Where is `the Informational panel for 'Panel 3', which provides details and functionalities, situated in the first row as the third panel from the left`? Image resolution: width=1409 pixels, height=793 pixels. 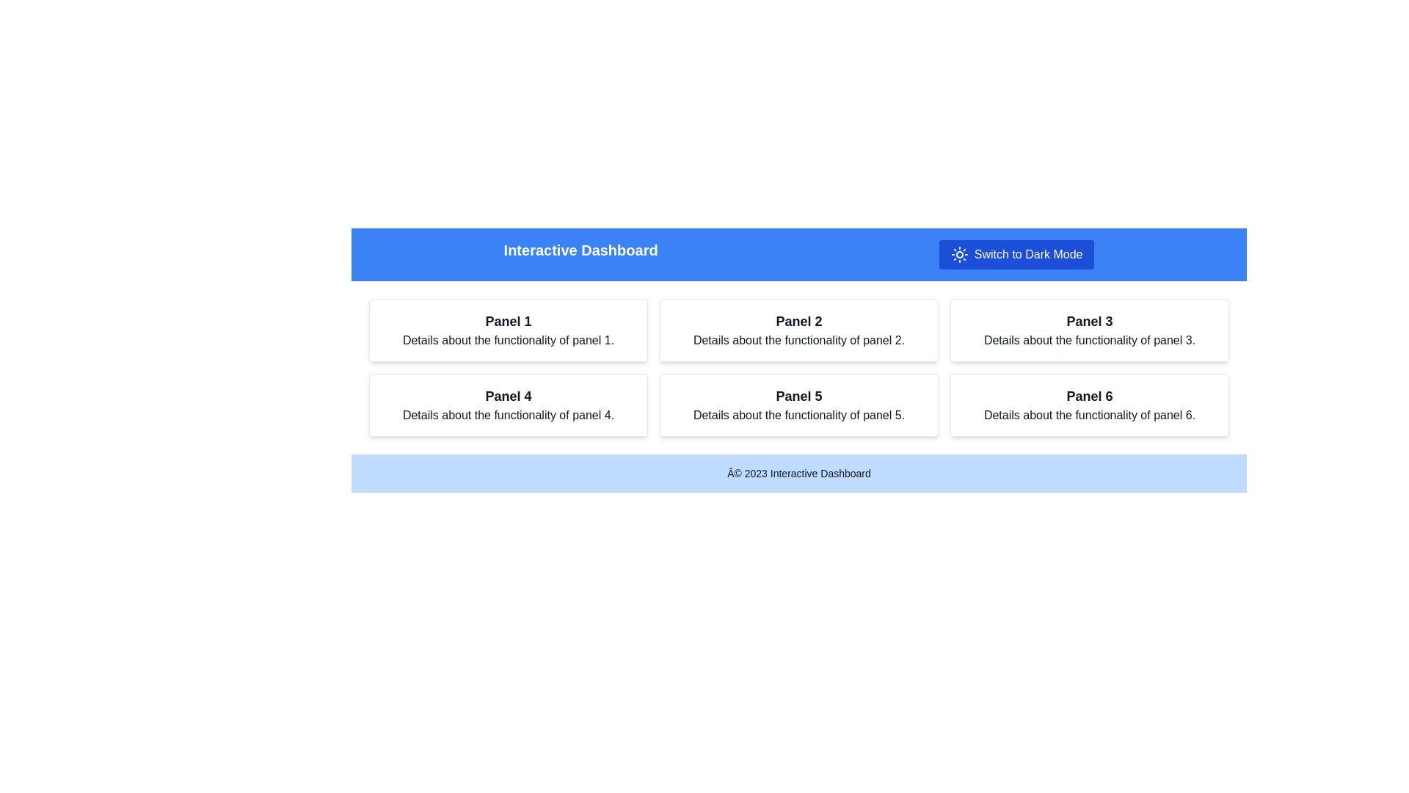
the Informational panel for 'Panel 3', which provides details and functionalities, situated in the first row as the third panel from the left is located at coordinates (1089, 330).